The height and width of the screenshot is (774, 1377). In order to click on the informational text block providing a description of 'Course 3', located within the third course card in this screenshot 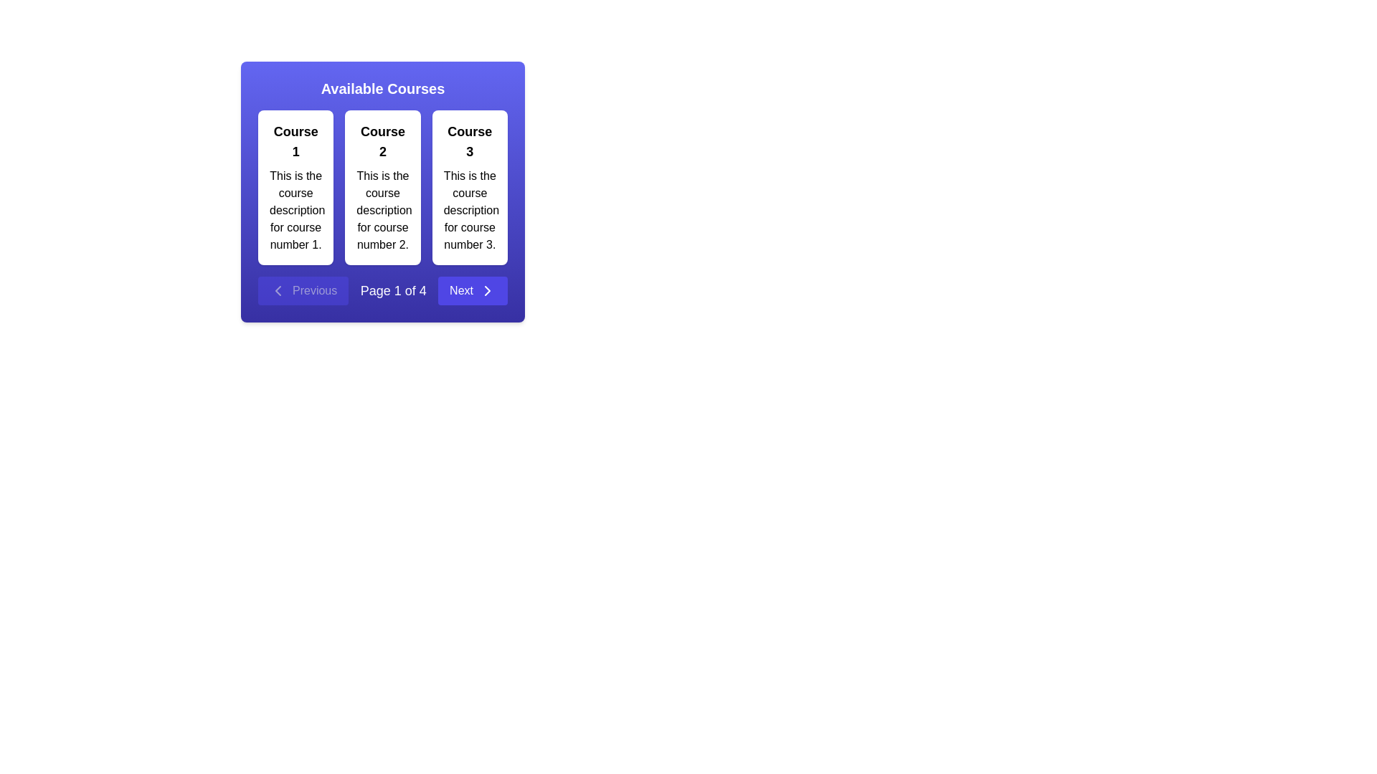, I will do `click(470, 210)`.